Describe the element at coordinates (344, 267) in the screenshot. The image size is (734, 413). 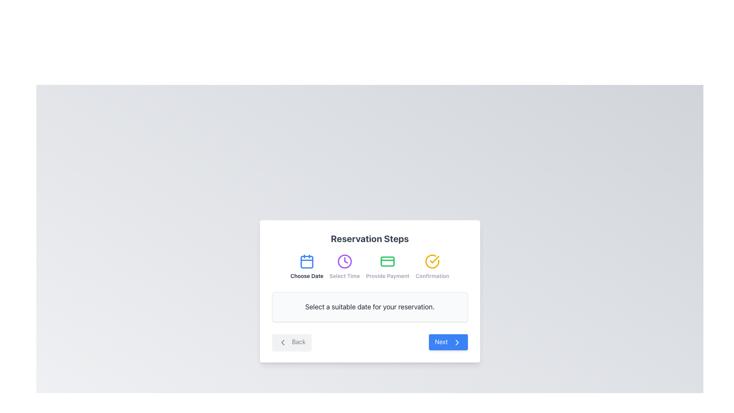
I see `the second step in the horizontally aligned step navigation bar, which represents the step related to selecting a time in the reservation process` at that location.